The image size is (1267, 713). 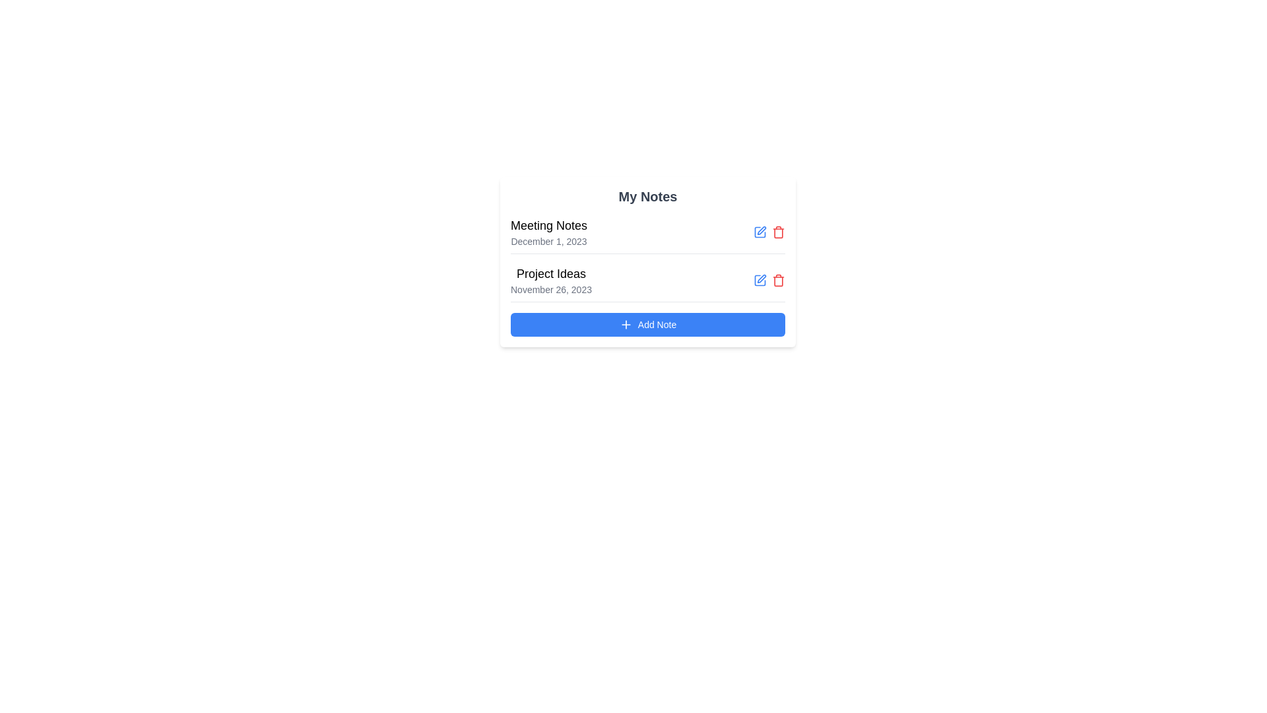 What do you see at coordinates (551, 289) in the screenshot?
I see `the Date label indicating the date associated with the 'Project Ideas' entry in the notes list` at bounding box center [551, 289].